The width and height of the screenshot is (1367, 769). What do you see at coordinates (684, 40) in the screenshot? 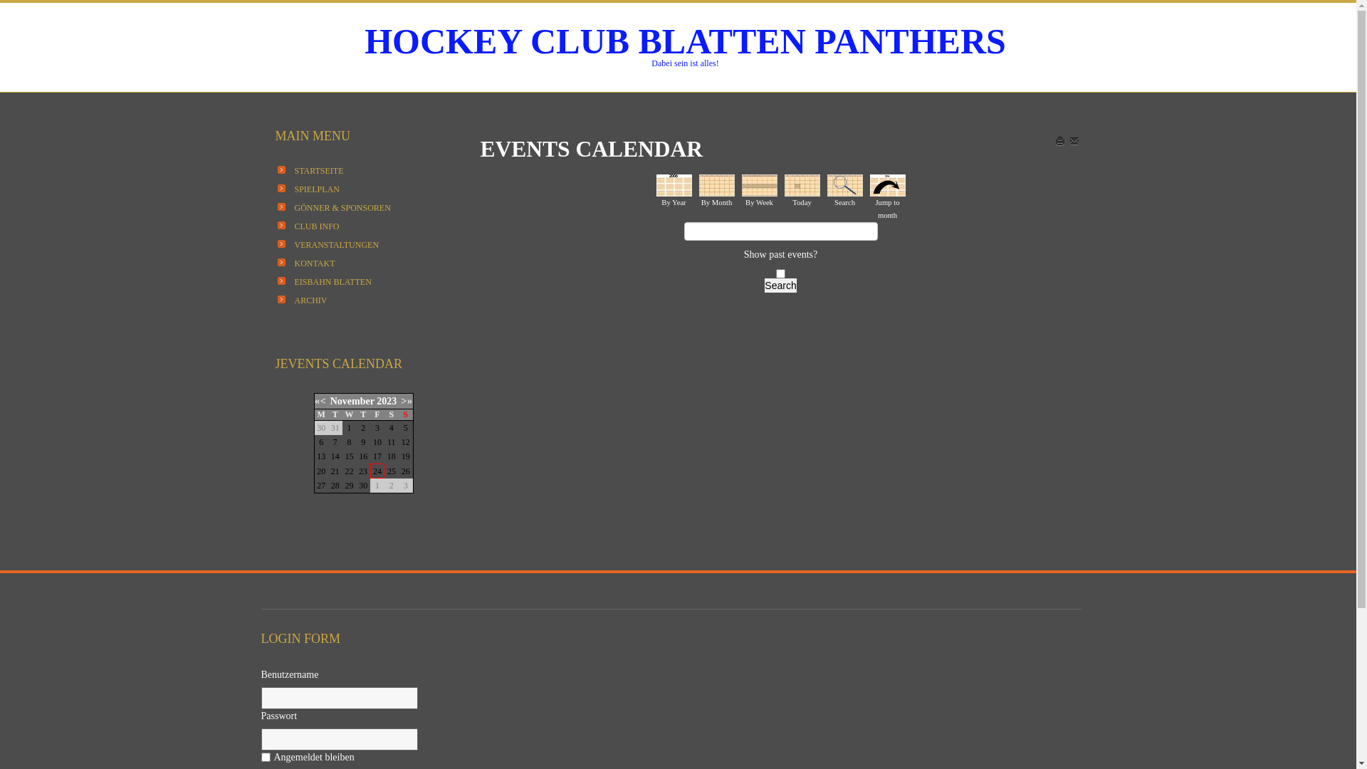
I see `'HOCKEY CLUB BLATTEN PANTHERS'` at bounding box center [684, 40].